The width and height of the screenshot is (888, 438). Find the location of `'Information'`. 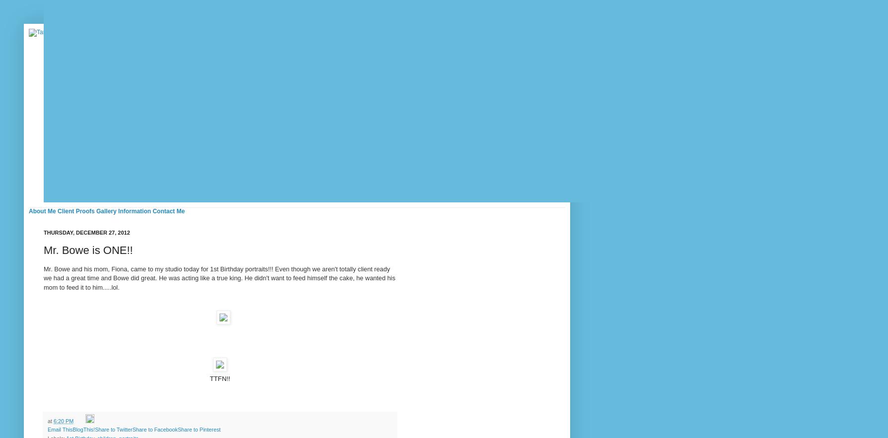

'Information' is located at coordinates (134, 211).